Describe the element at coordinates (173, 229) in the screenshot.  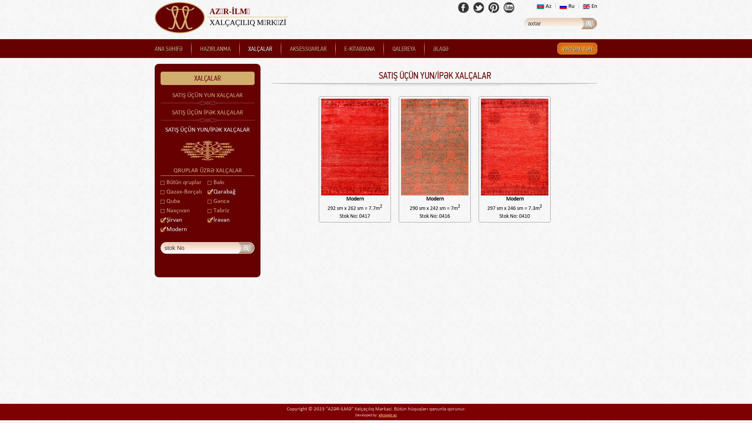
I see `'Modern'` at that location.